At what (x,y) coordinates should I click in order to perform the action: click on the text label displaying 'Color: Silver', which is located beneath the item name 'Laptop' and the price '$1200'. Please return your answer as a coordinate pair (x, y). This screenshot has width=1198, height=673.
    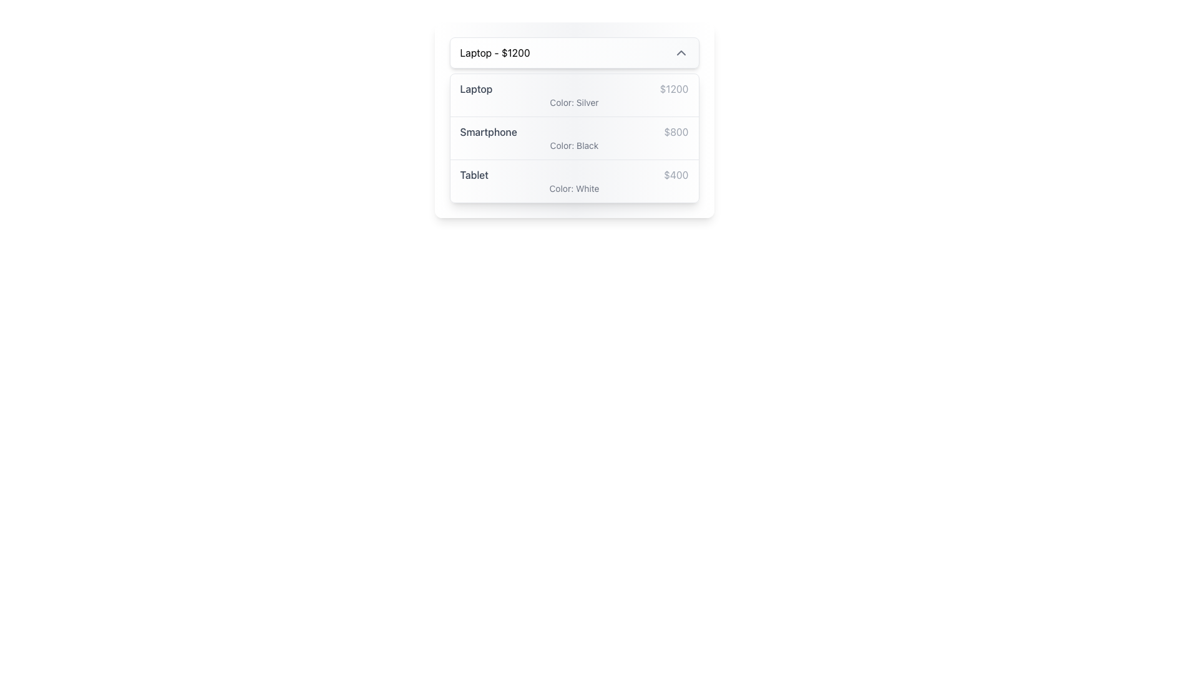
    Looking at the image, I should click on (573, 102).